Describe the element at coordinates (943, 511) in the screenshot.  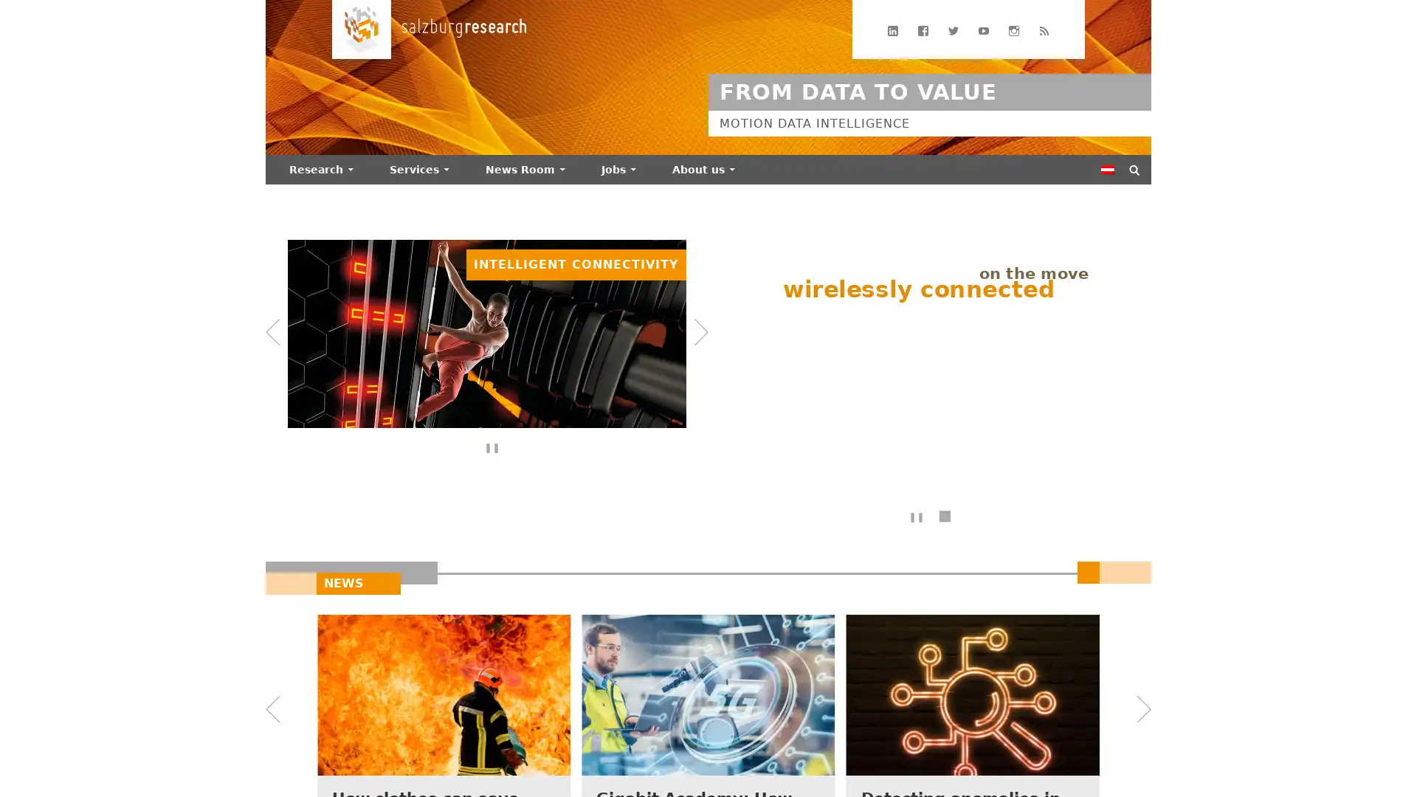
I see `Texte ohne Animation anzeigen` at that location.